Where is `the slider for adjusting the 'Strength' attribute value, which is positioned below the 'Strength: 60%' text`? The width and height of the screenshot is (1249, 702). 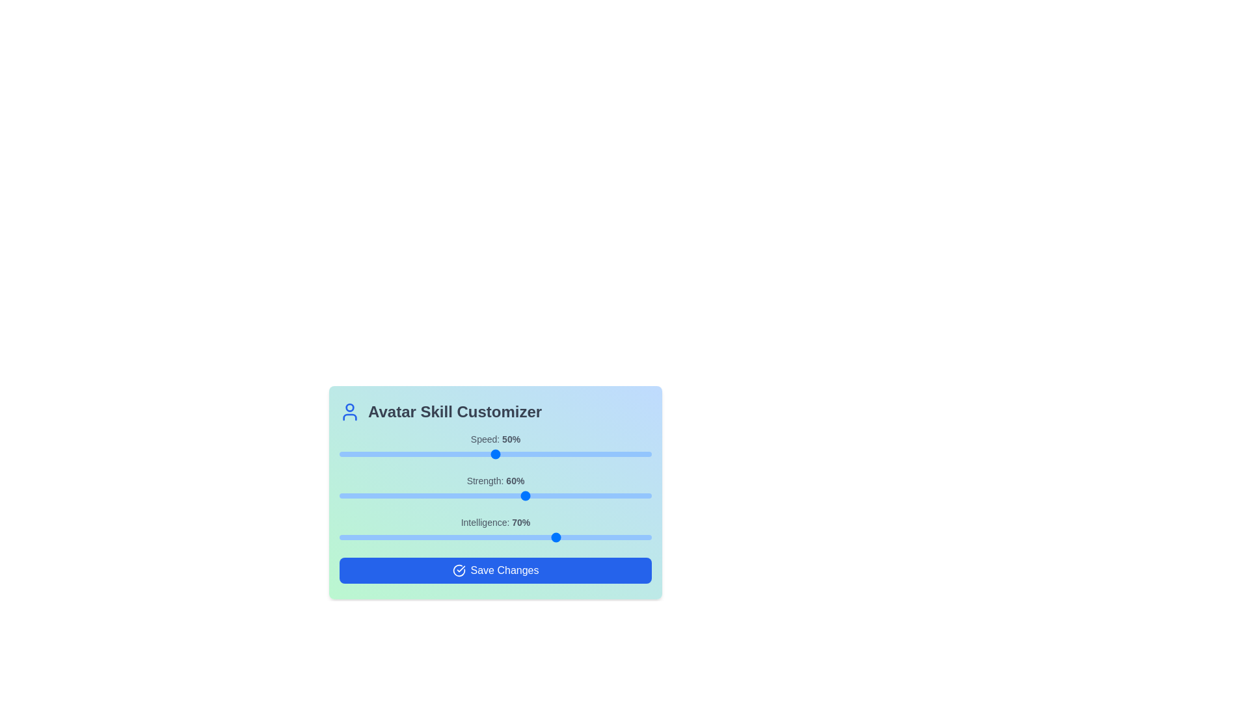
the slider for adjusting the 'Strength' attribute value, which is positioned below the 'Strength: 60%' text is located at coordinates (495, 496).